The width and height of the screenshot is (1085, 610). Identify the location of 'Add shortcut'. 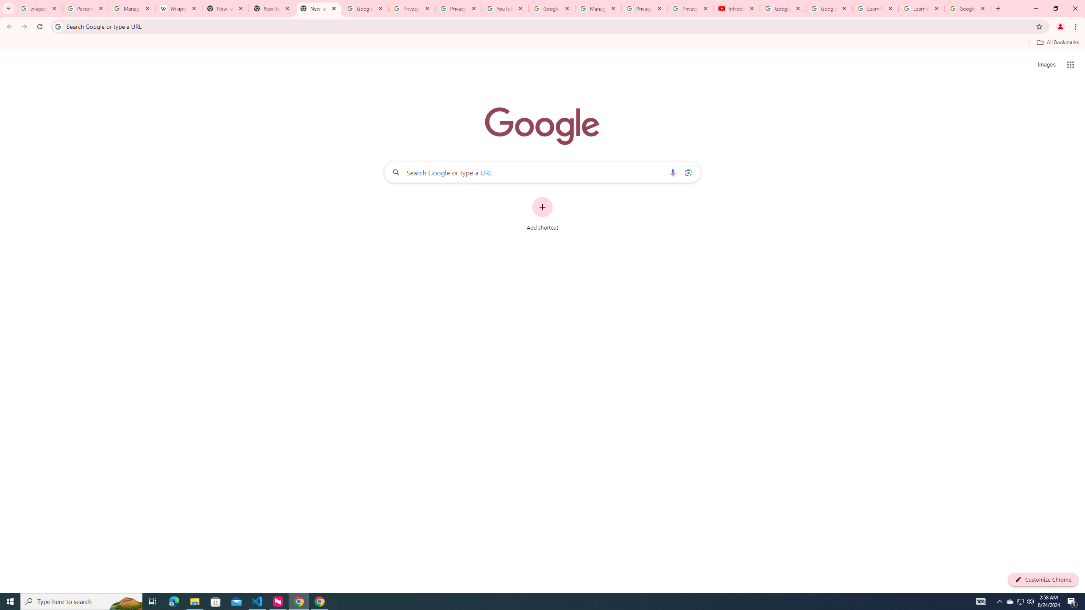
(542, 214).